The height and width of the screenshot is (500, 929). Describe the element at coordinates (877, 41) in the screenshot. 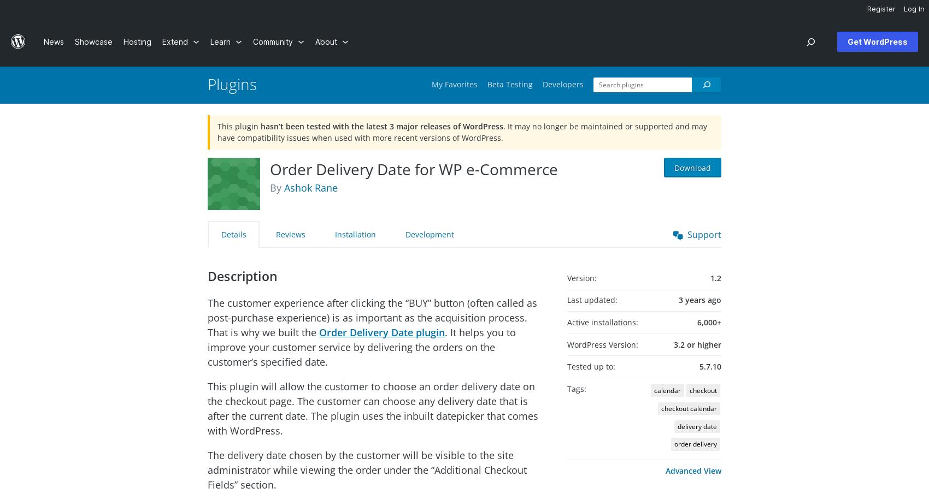

I see `'Get WordPress'` at that location.